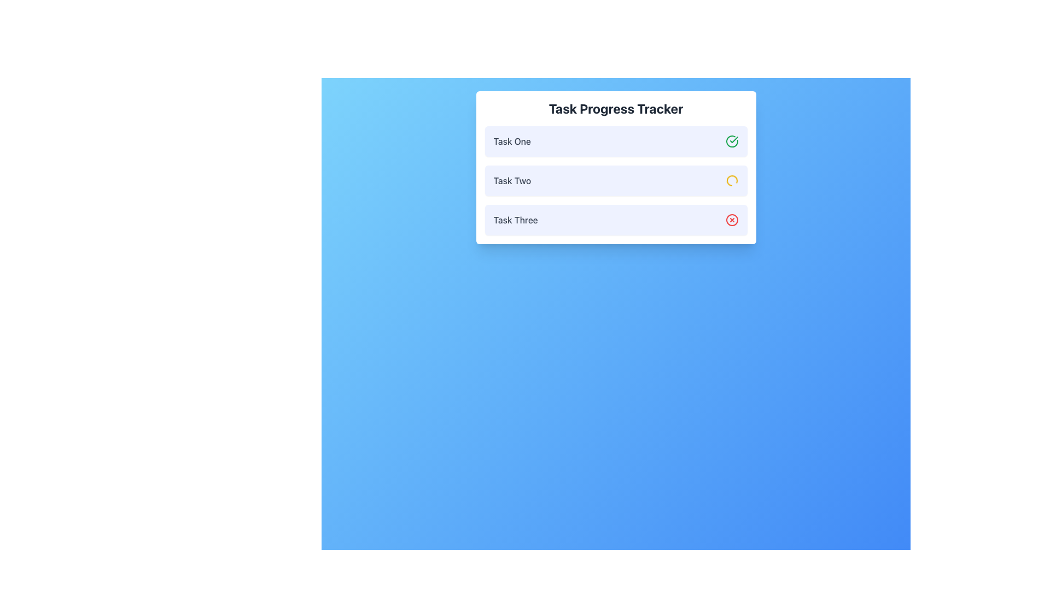 The height and width of the screenshot is (590, 1050). Describe the element at coordinates (732, 180) in the screenshot. I see `the Loader icon located on the right side of the 'Task Two' card layout, which indicates a task in progress` at that location.